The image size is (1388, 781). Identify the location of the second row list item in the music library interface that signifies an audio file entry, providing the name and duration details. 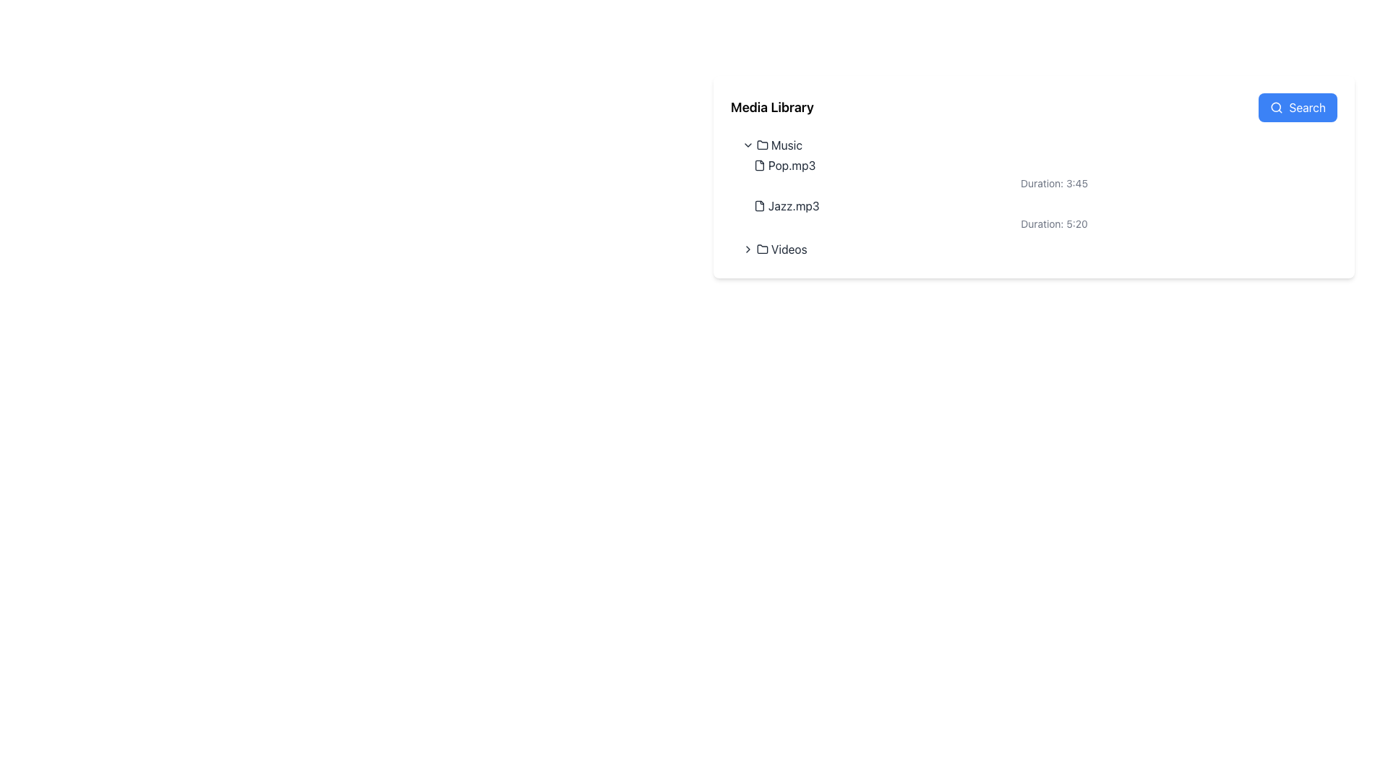
(1039, 215).